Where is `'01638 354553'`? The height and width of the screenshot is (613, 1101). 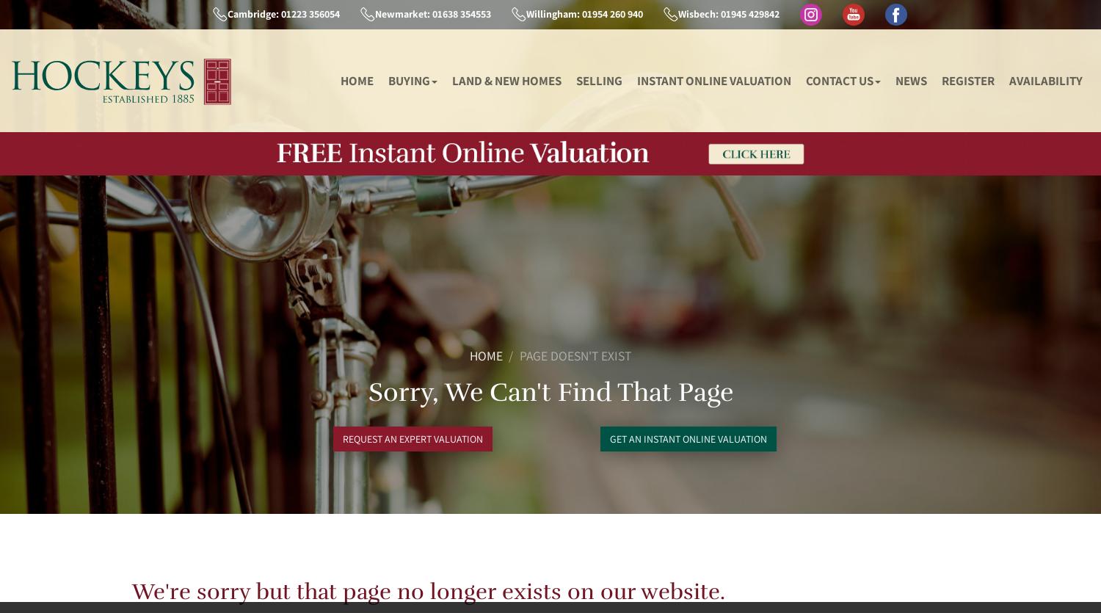 '01638 354553' is located at coordinates (429, 13).